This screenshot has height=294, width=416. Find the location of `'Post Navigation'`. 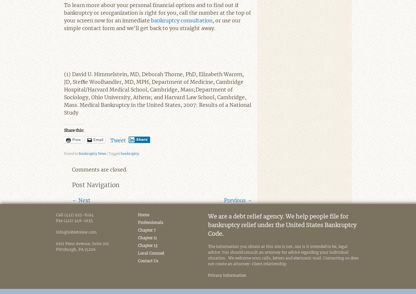

'Post Navigation' is located at coordinates (96, 185).